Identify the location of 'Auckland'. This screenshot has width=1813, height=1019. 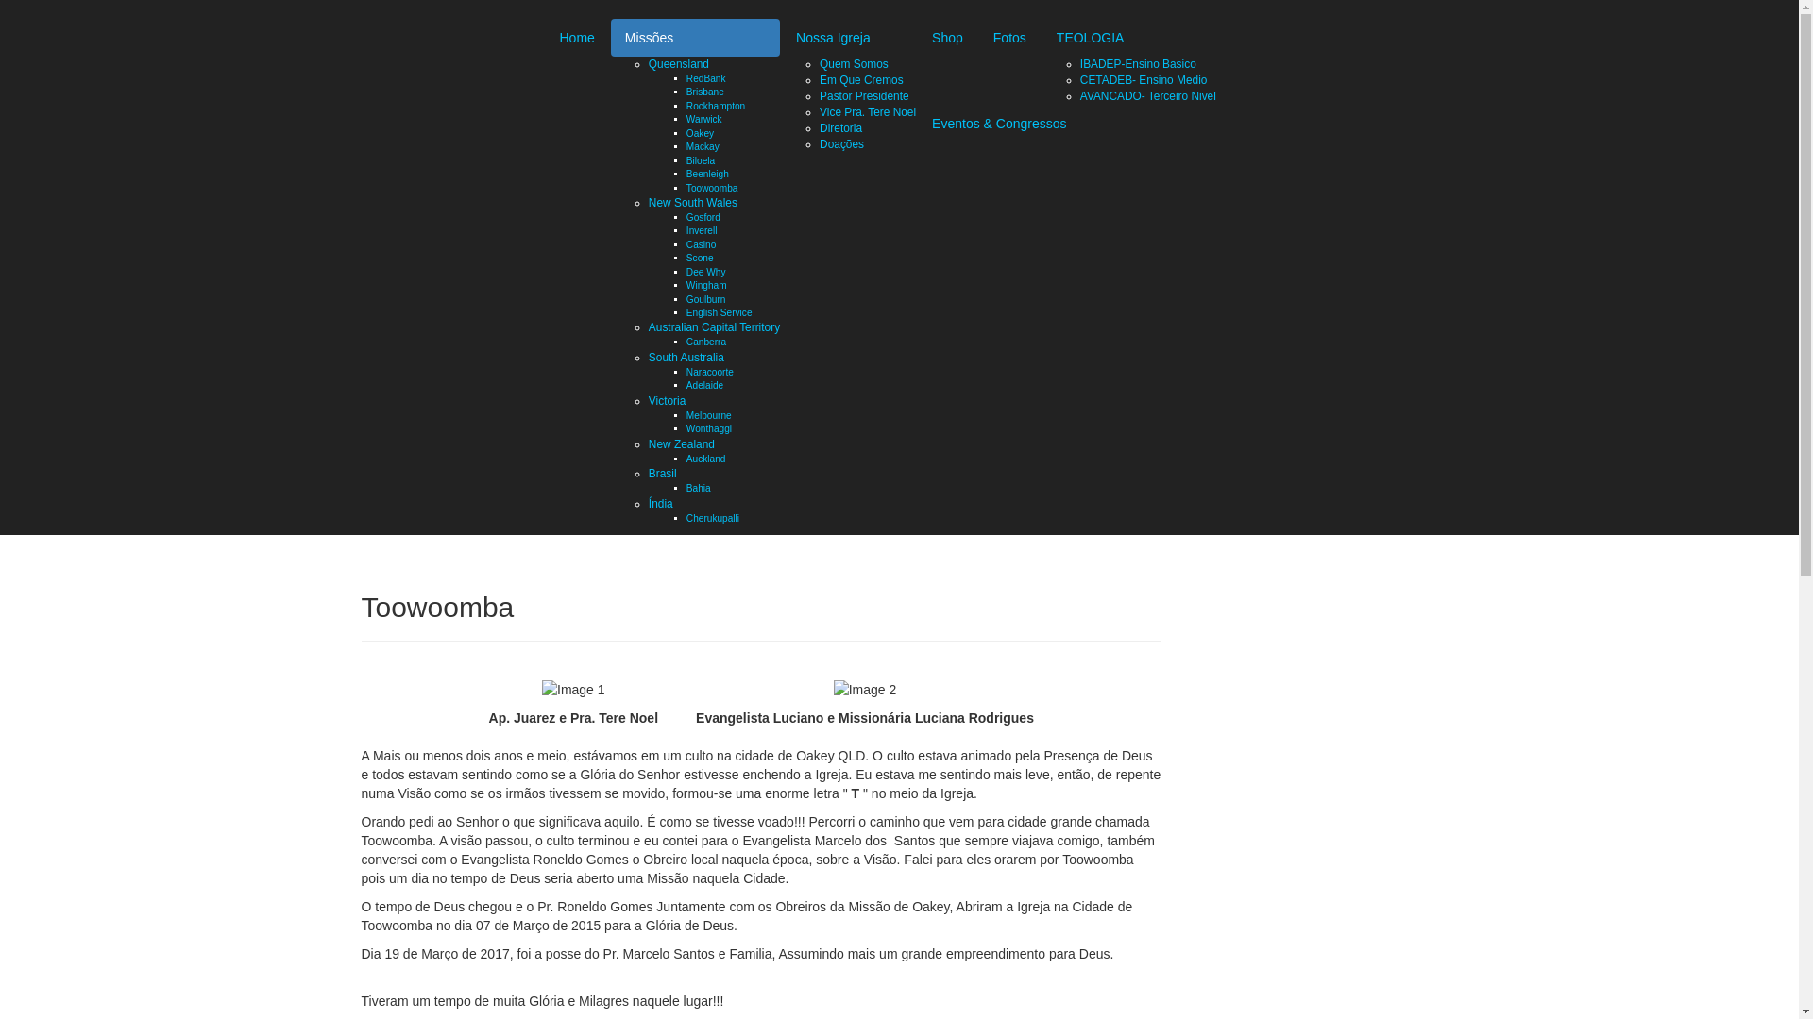
(705, 459).